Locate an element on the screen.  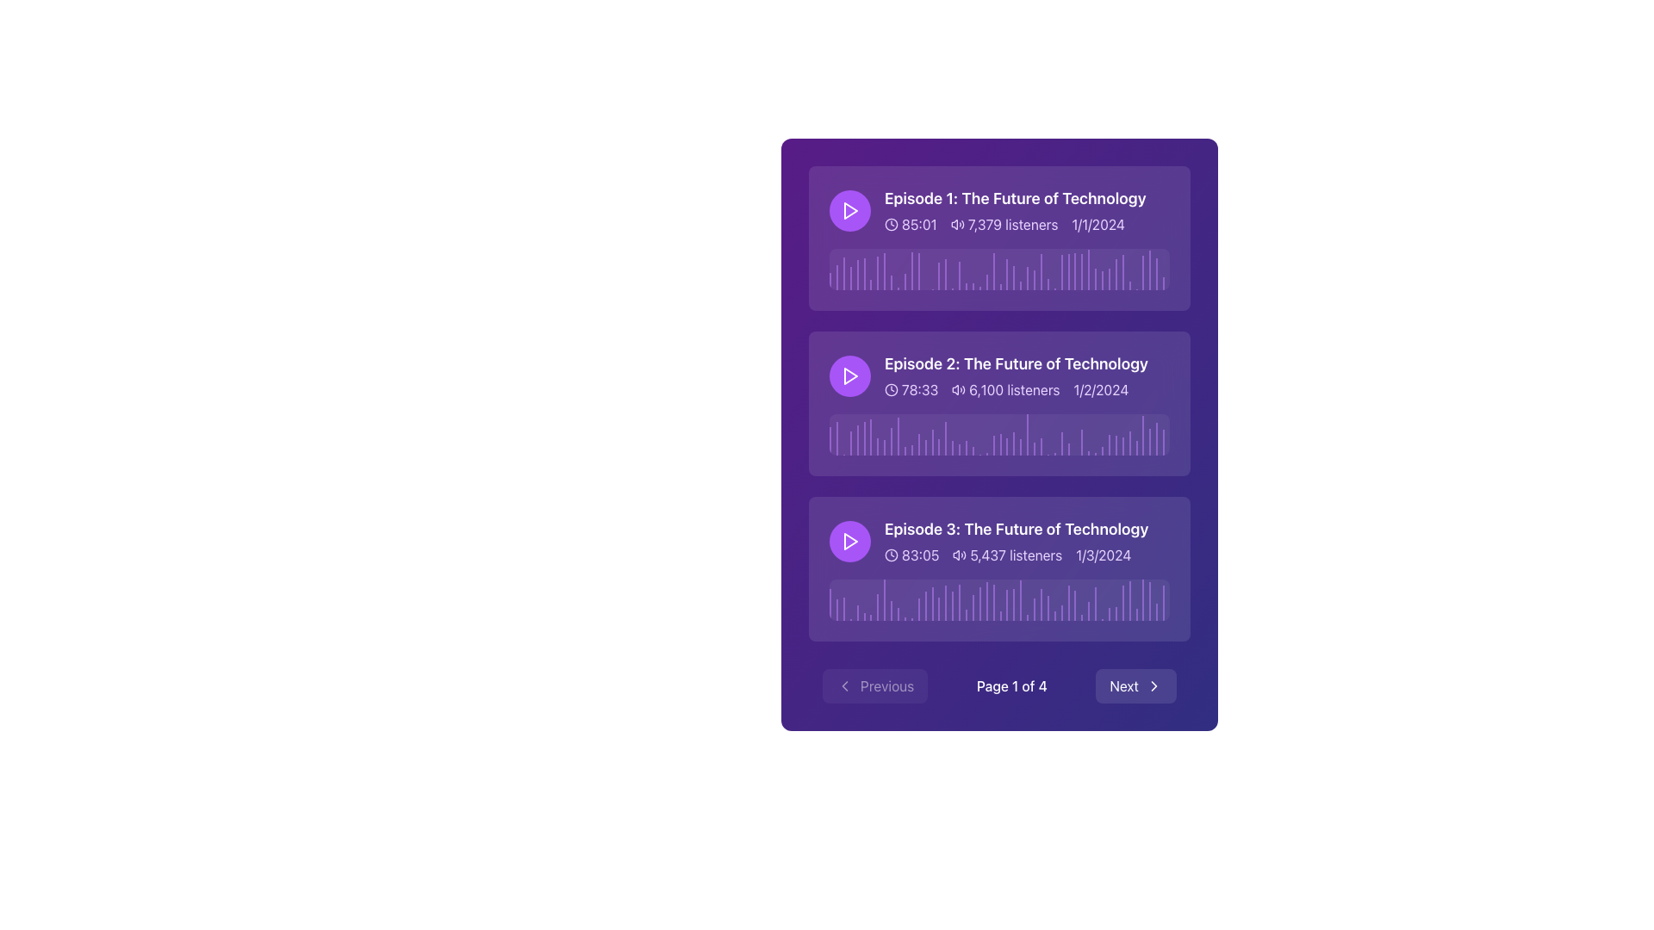
the vertical purple timeline indicator located in the second row of the episodes list, which serves as a progress marker in the waveform display is located at coordinates (1007, 446).